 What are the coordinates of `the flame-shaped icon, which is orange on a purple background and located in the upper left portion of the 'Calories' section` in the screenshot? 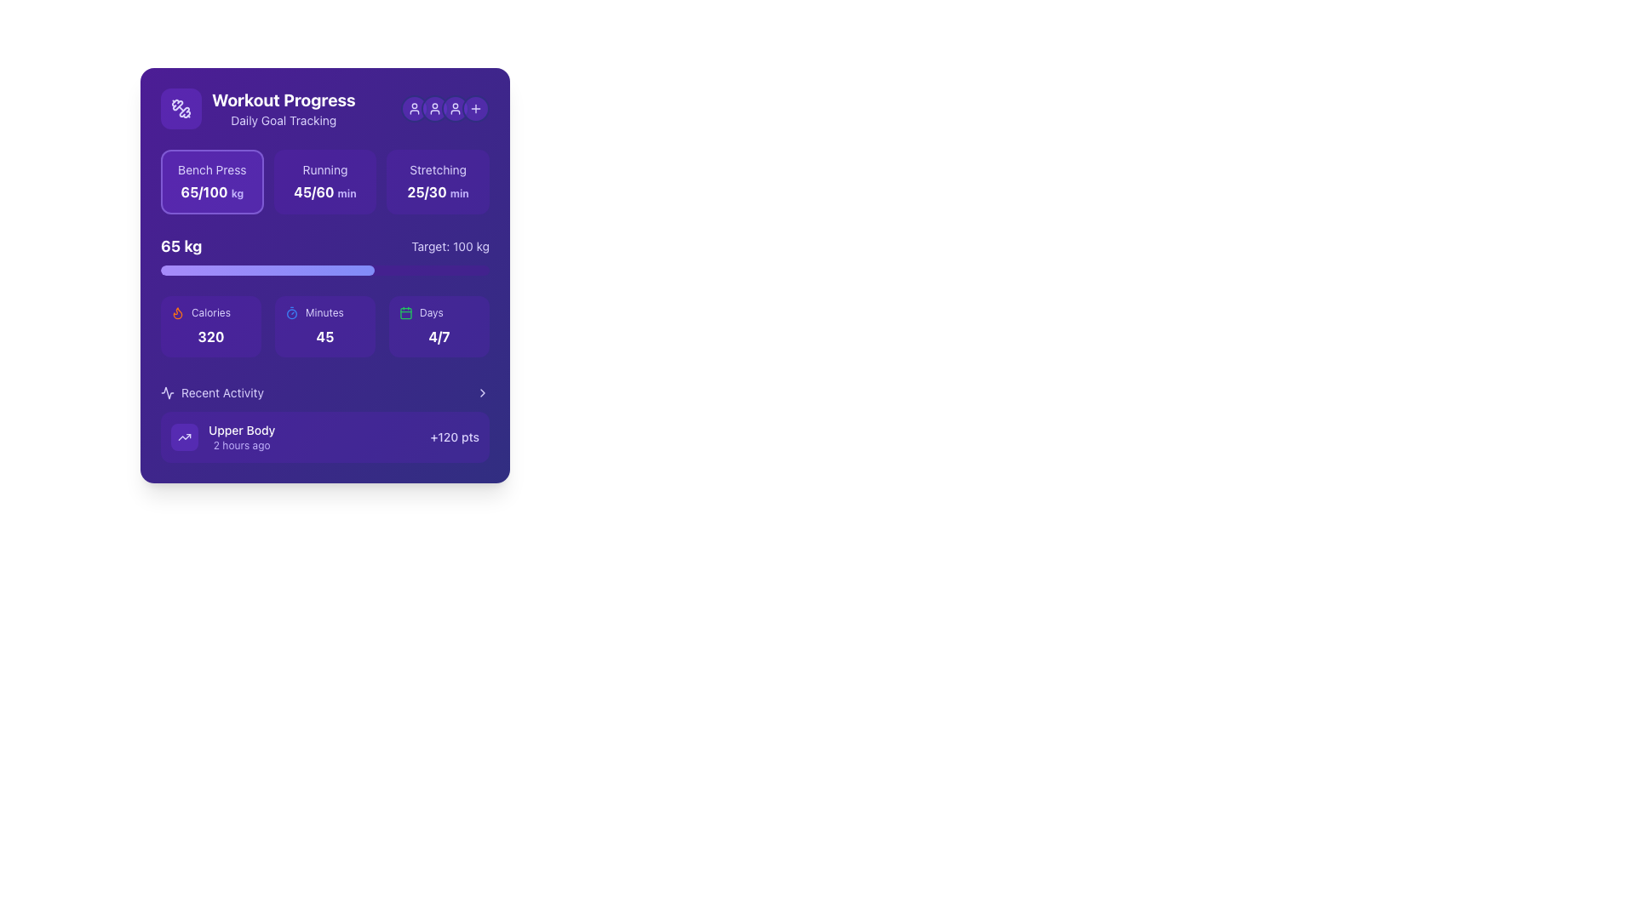 It's located at (178, 312).